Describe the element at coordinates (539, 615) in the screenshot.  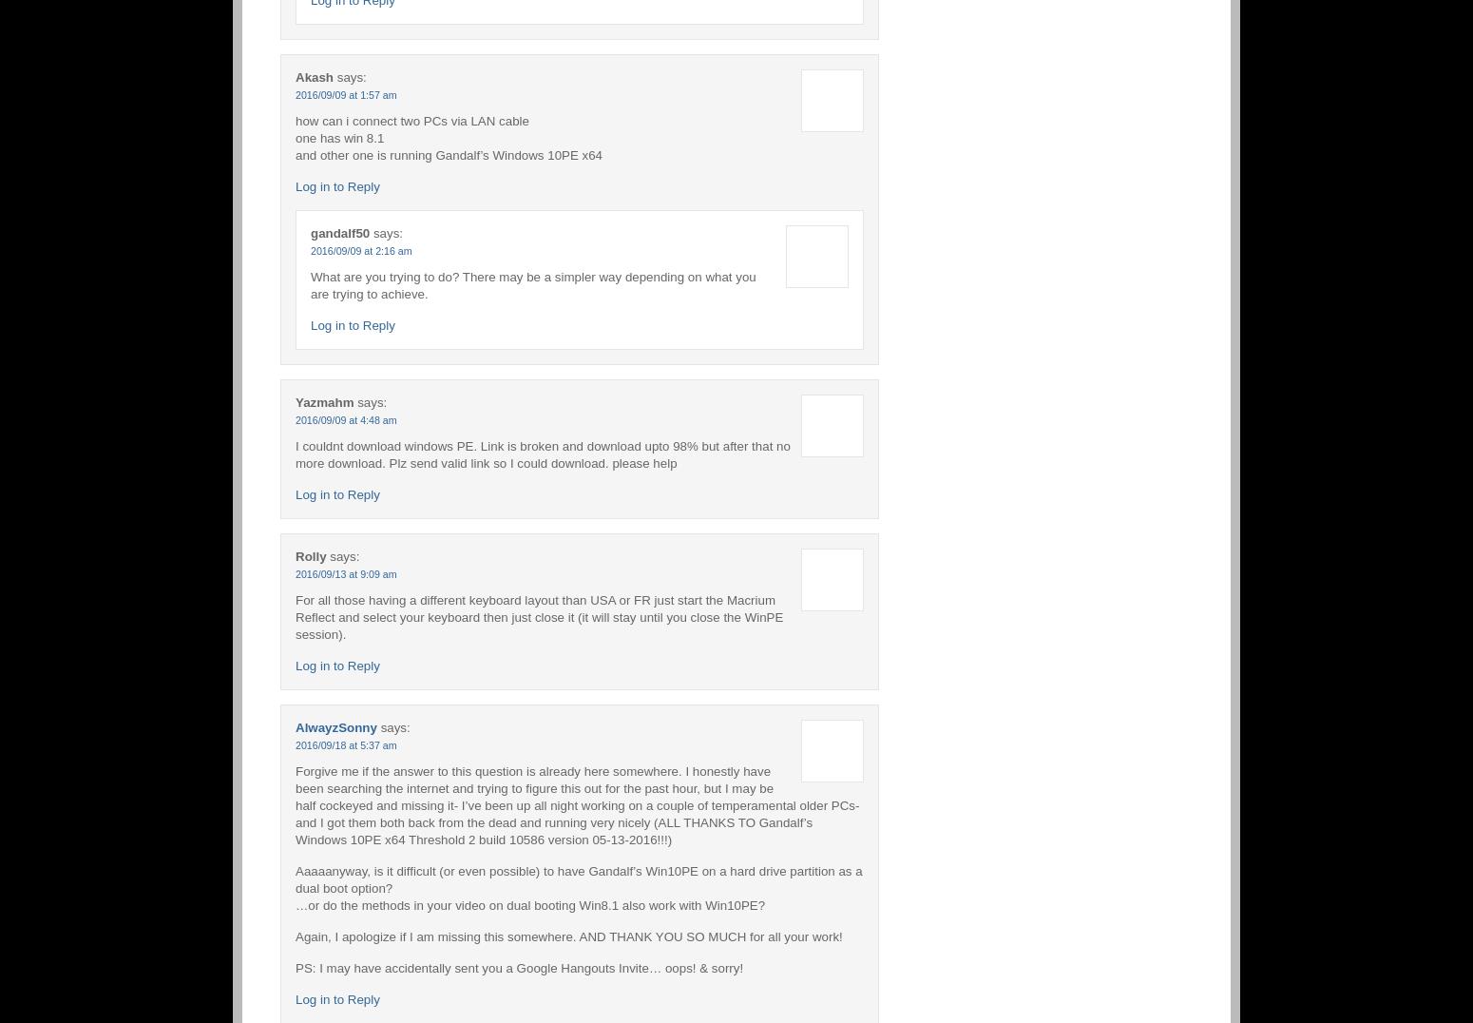
I see `'For all those having a different keyboard layout than USA or FR just start the Macrium Reflect and select your keyboard then just close it (it will stay until you close the WinPE session).'` at that location.